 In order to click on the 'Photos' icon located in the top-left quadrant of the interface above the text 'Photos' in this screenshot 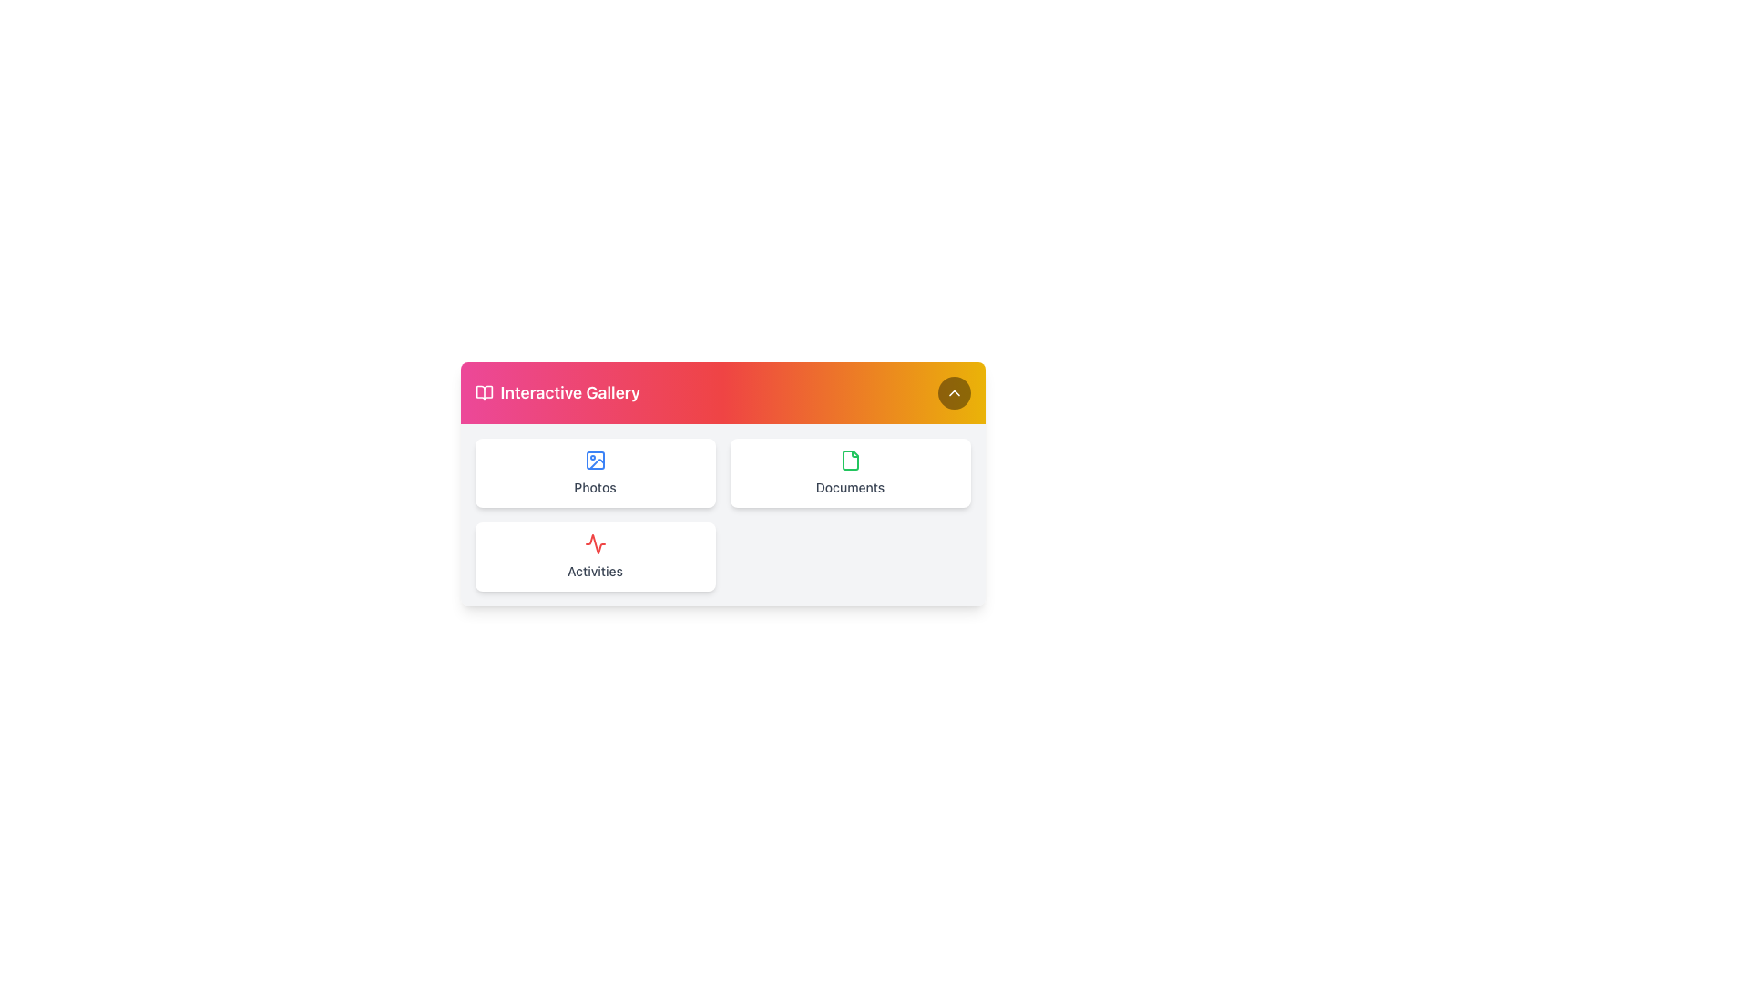, I will do `click(595, 459)`.